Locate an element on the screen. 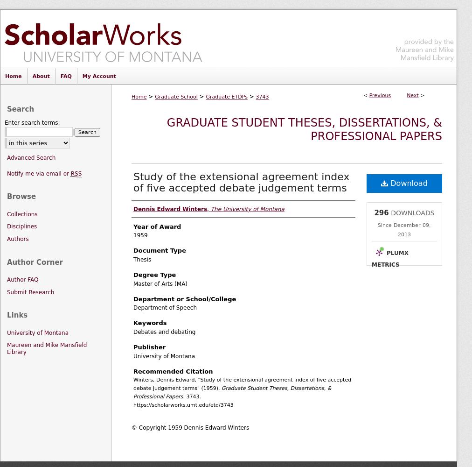  'Disciplines' is located at coordinates (21, 226).